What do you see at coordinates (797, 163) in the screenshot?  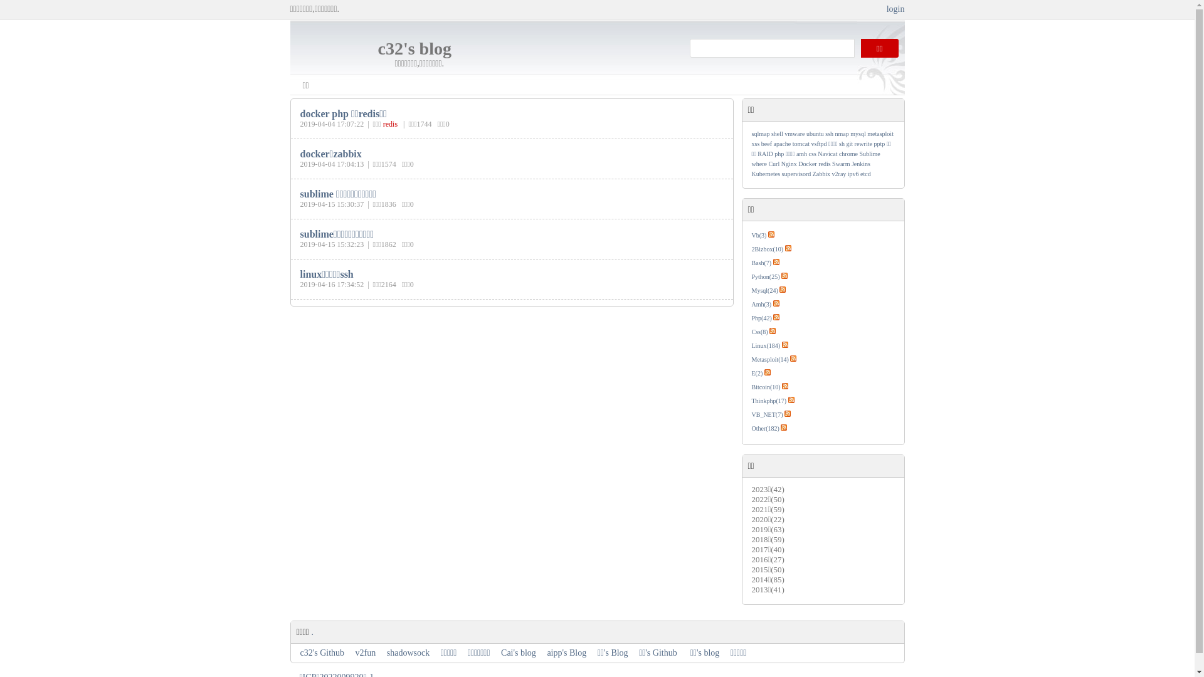 I see `'Docker'` at bounding box center [797, 163].